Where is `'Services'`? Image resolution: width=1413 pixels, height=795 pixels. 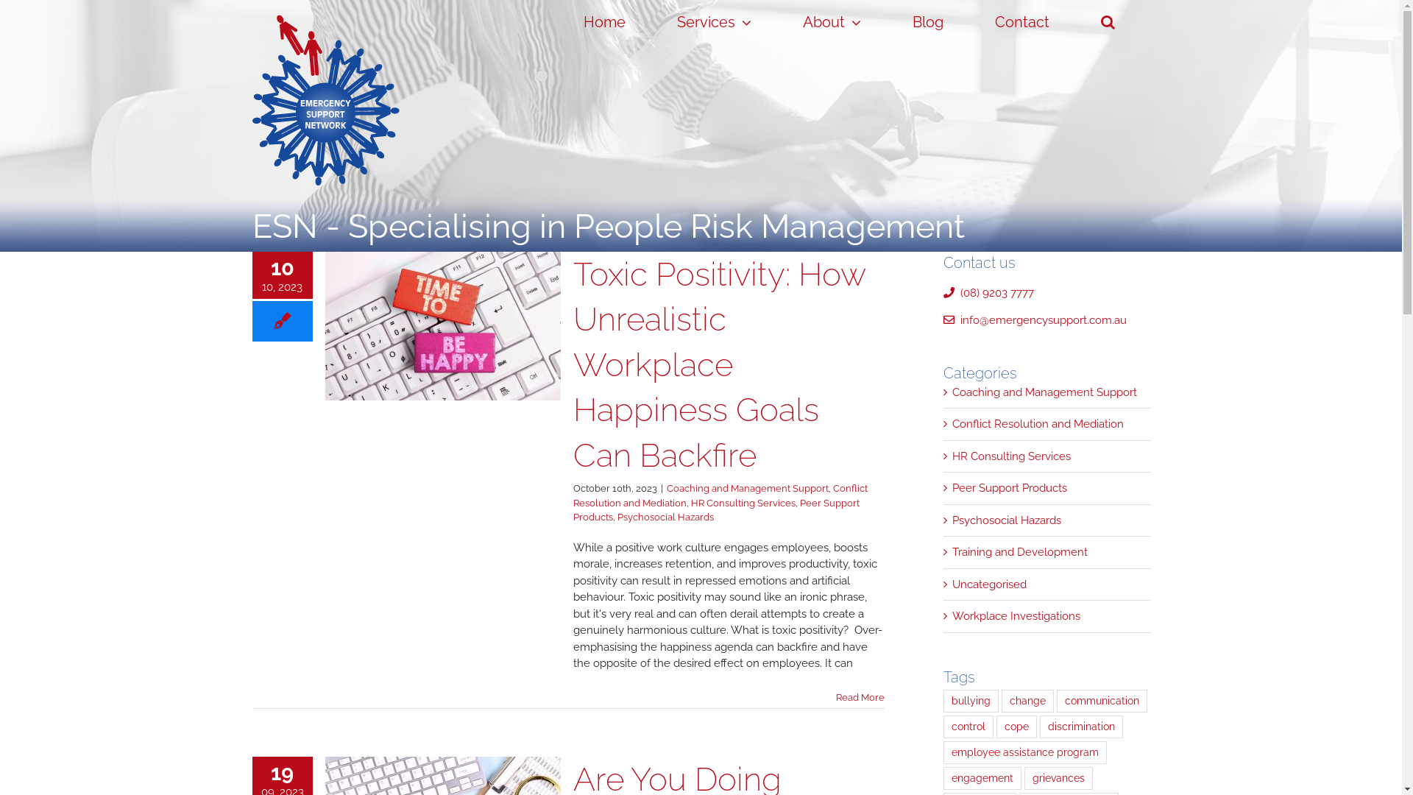 'Services' is located at coordinates (714, 22).